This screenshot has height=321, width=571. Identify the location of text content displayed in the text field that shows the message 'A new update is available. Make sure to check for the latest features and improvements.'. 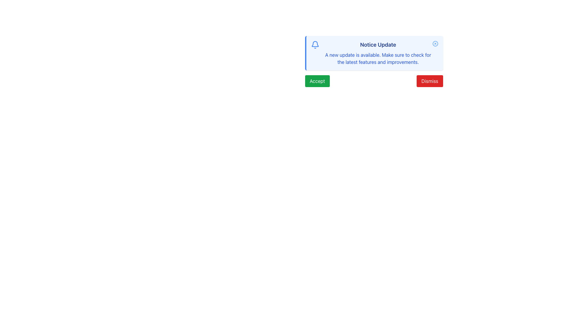
(378, 58).